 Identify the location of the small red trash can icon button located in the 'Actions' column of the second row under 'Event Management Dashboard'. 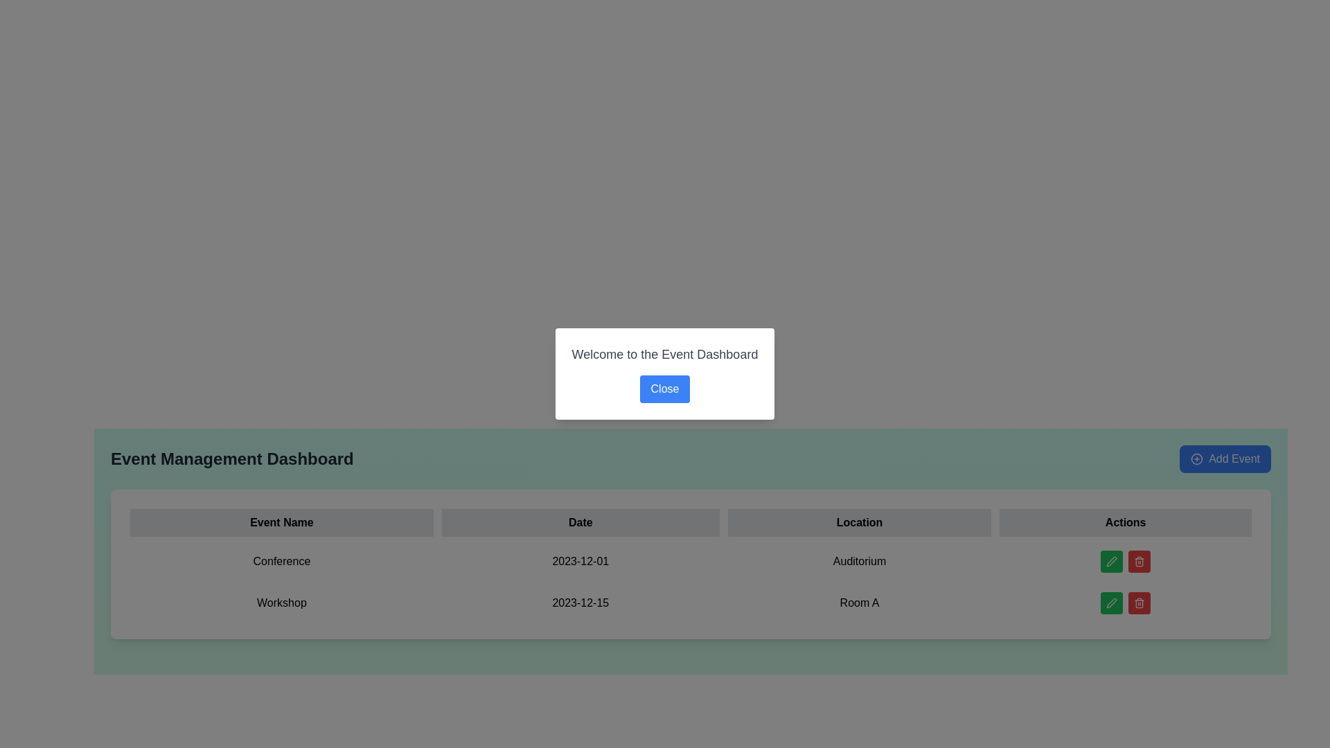
(1140, 603).